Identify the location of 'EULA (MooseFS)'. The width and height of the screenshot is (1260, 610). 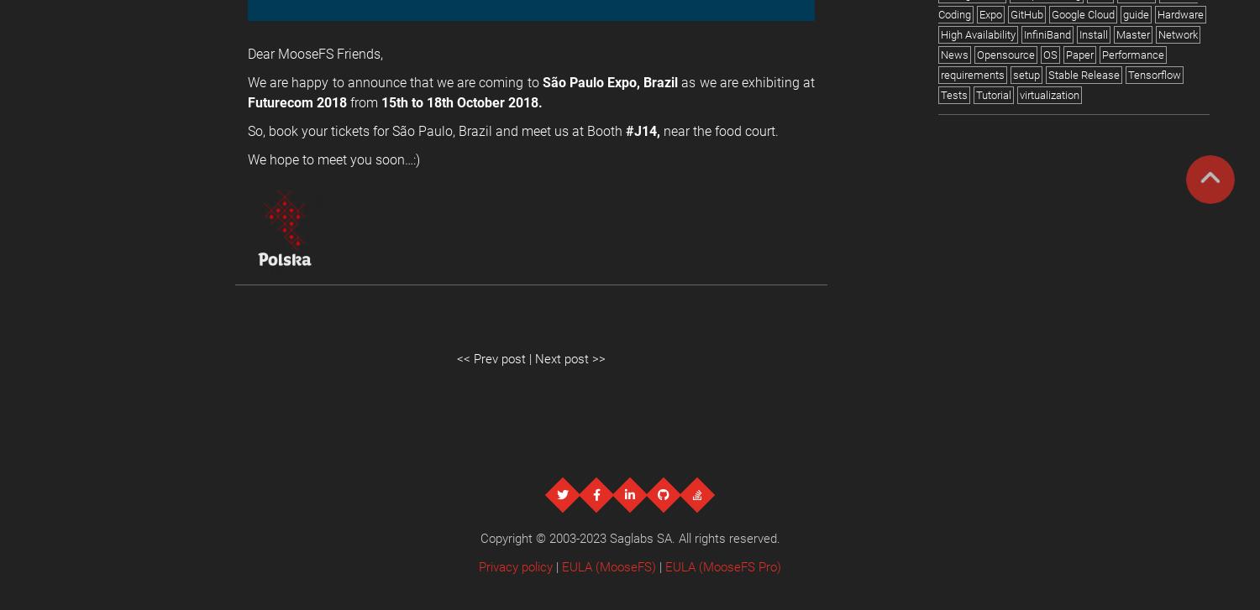
(562, 566).